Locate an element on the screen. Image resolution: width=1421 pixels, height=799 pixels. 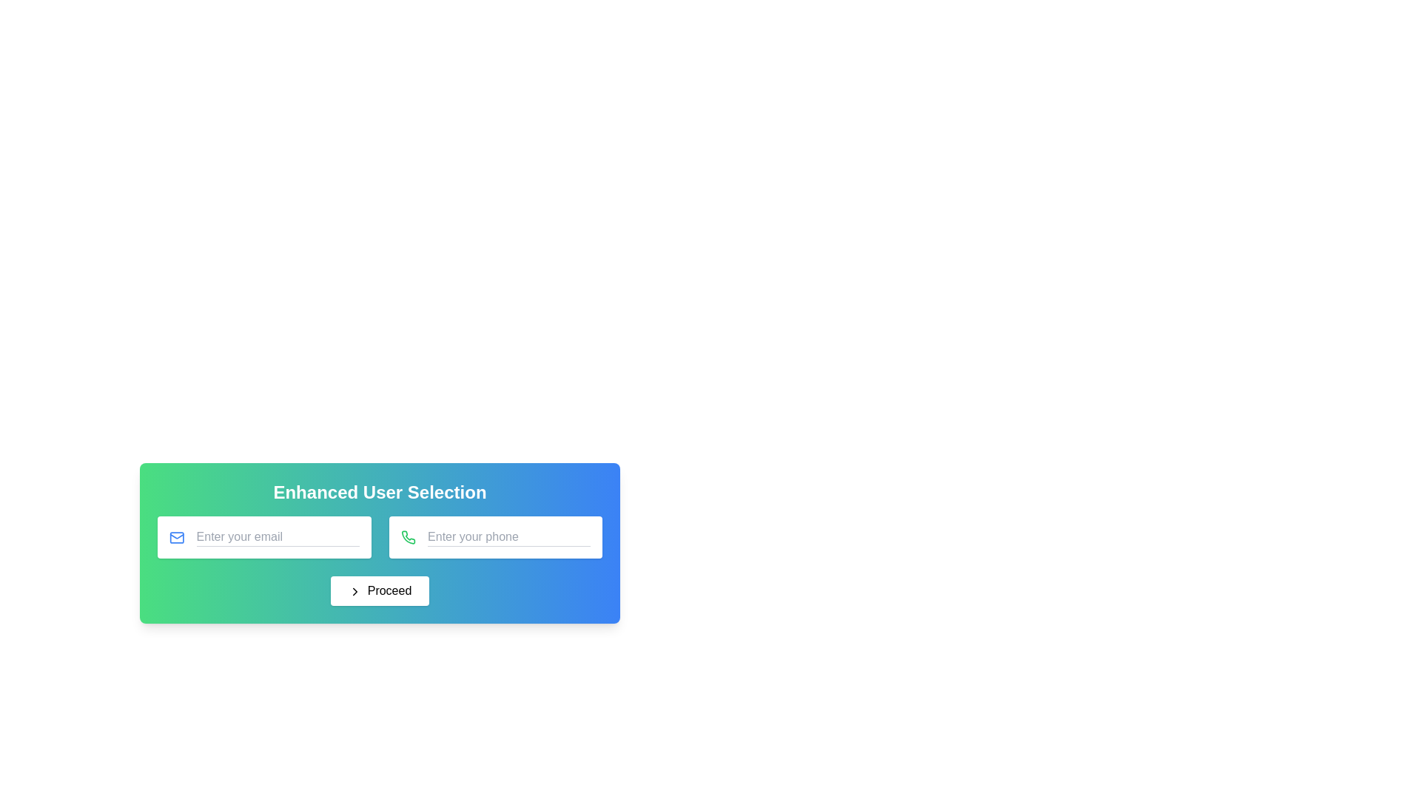
the confirmation button located within the 'Enhanced User Selection' panel, positioned below the input fields for email and phone is located at coordinates (380, 590).